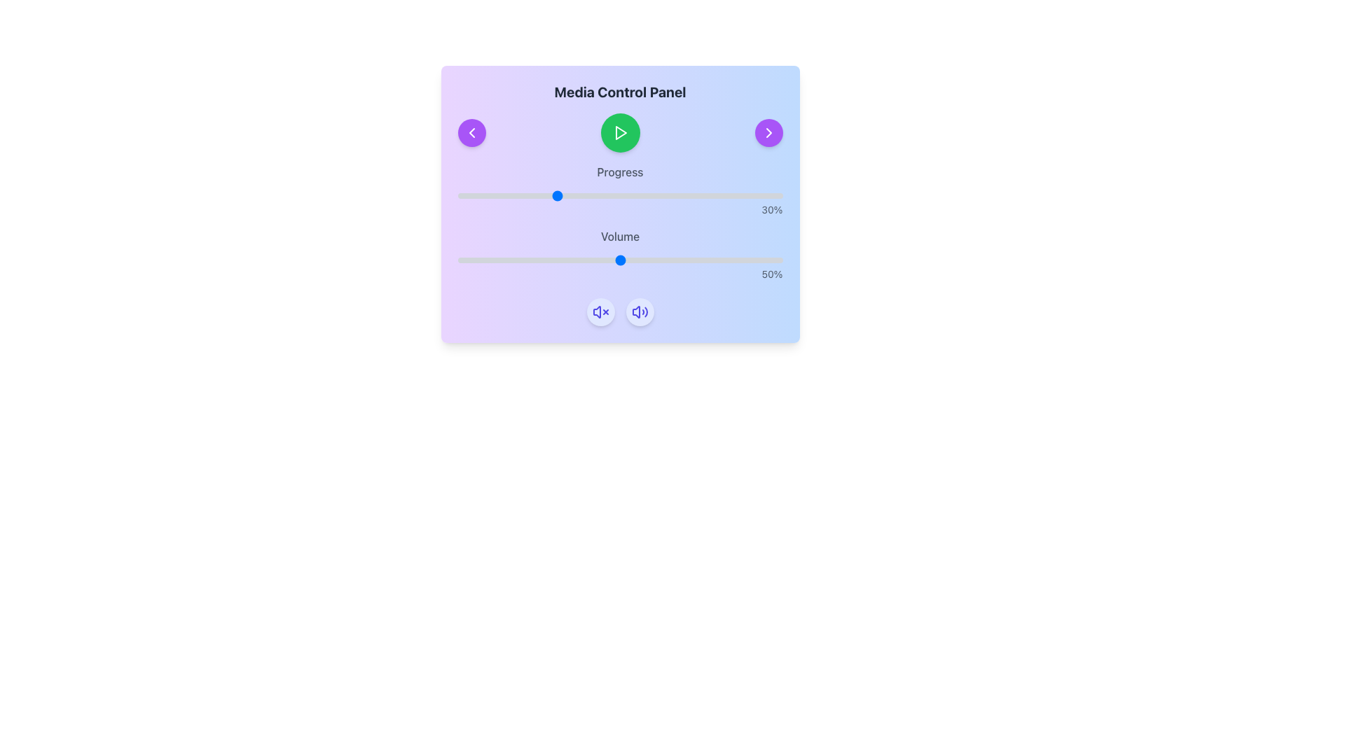  Describe the element at coordinates (619, 190) in the screenshot. I see `progress percentage displayed in the progress bar labeled 'Progress', which shows '30%' to the right of the bar` at that location.